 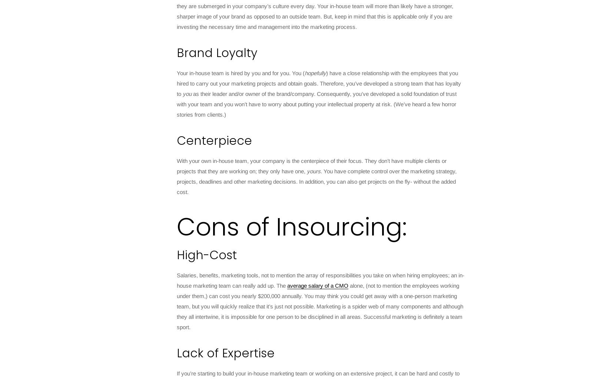 I want to click on 'average salary of a CMO', so click(x=287, y=285).